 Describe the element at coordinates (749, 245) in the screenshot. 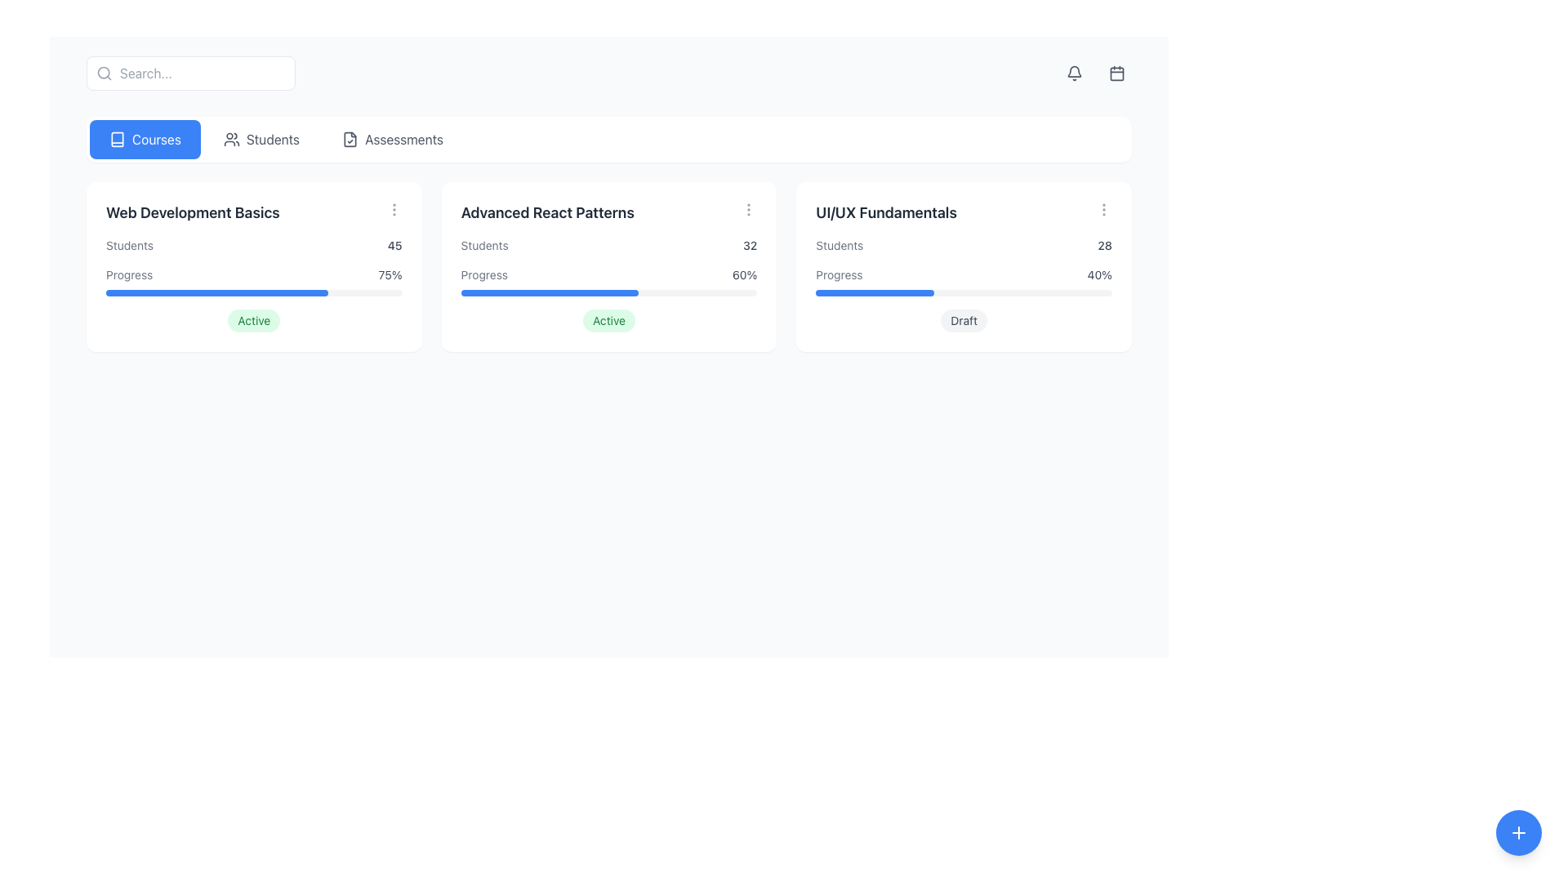

I see `the text label displaying the number '32' in dark-gray font, which indicates the count of items, located within the 'Advanced React Patterns' card` at that location.